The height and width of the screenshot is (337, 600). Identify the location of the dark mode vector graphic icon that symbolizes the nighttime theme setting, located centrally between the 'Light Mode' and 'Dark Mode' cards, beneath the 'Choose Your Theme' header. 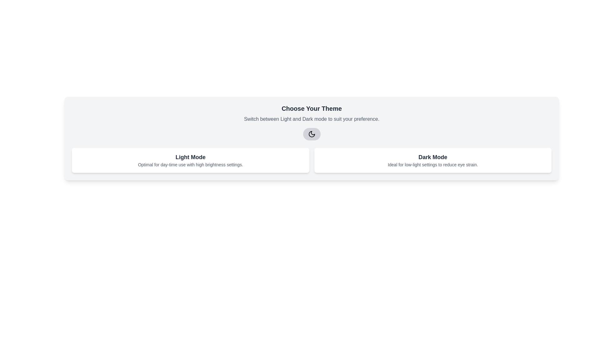
(312, 134).